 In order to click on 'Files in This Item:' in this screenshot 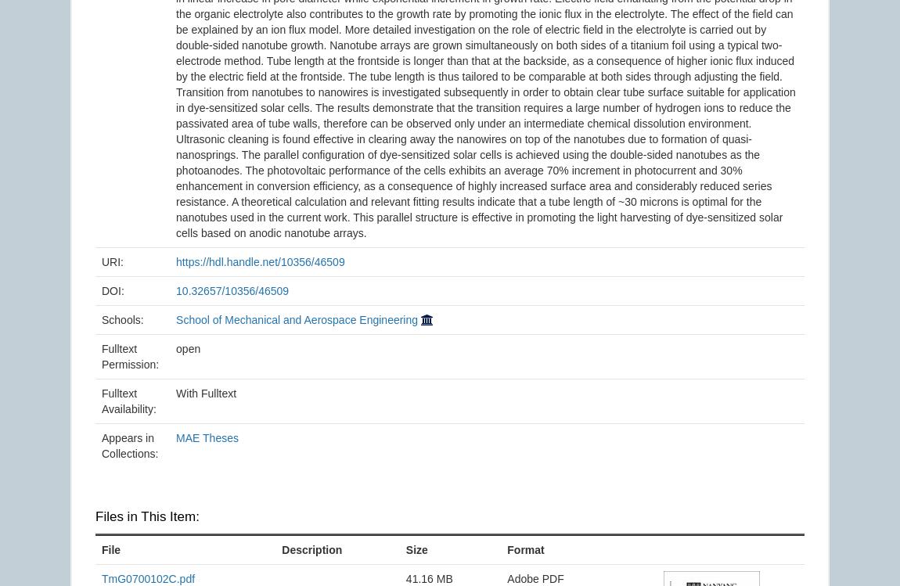, I will do `click(146, 516)`.